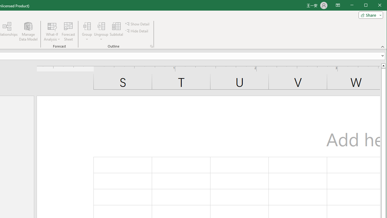  I want to click on 'Maximize', so click(374, 6).